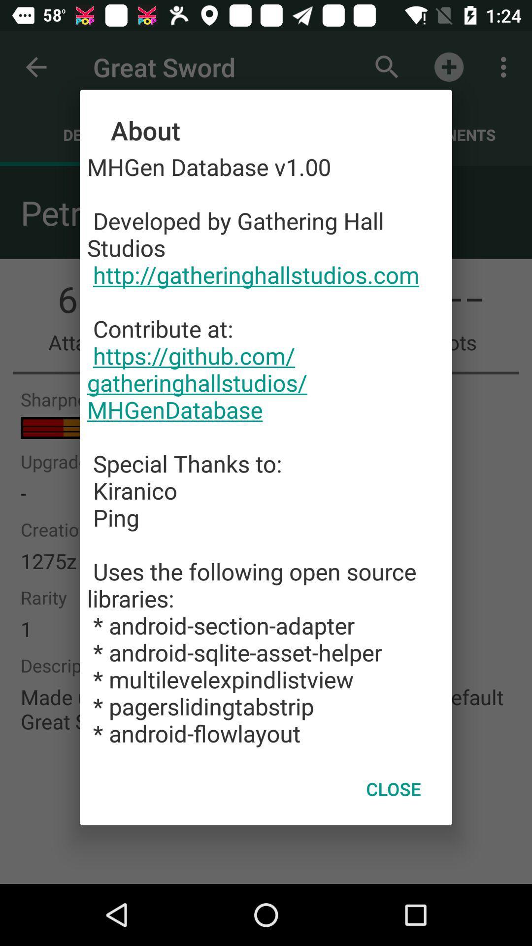 The height and width of the screenshot is (946, 532). I want to click on the icon at the bottom right corner, so click(393, 789).